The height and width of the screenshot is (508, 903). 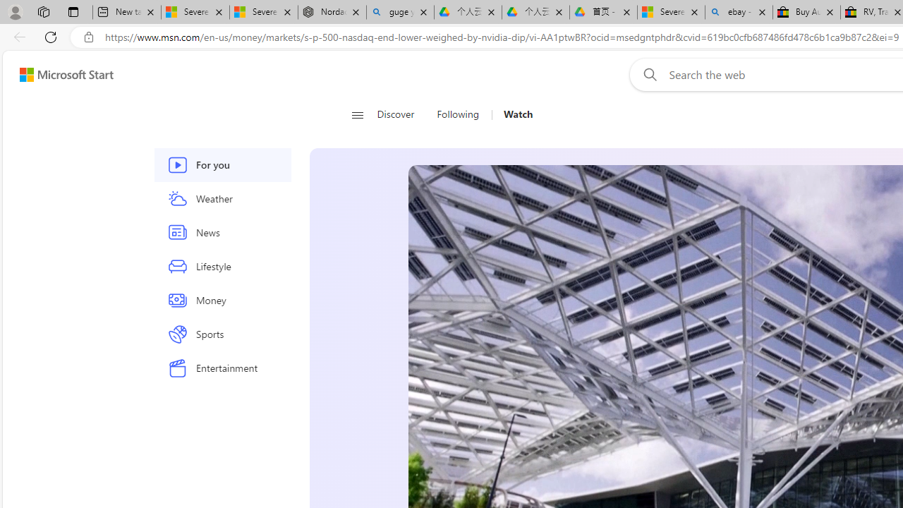 I want to click on 'Buy Auto Parts & Accessories | eBay', so click(x=806, y=12).